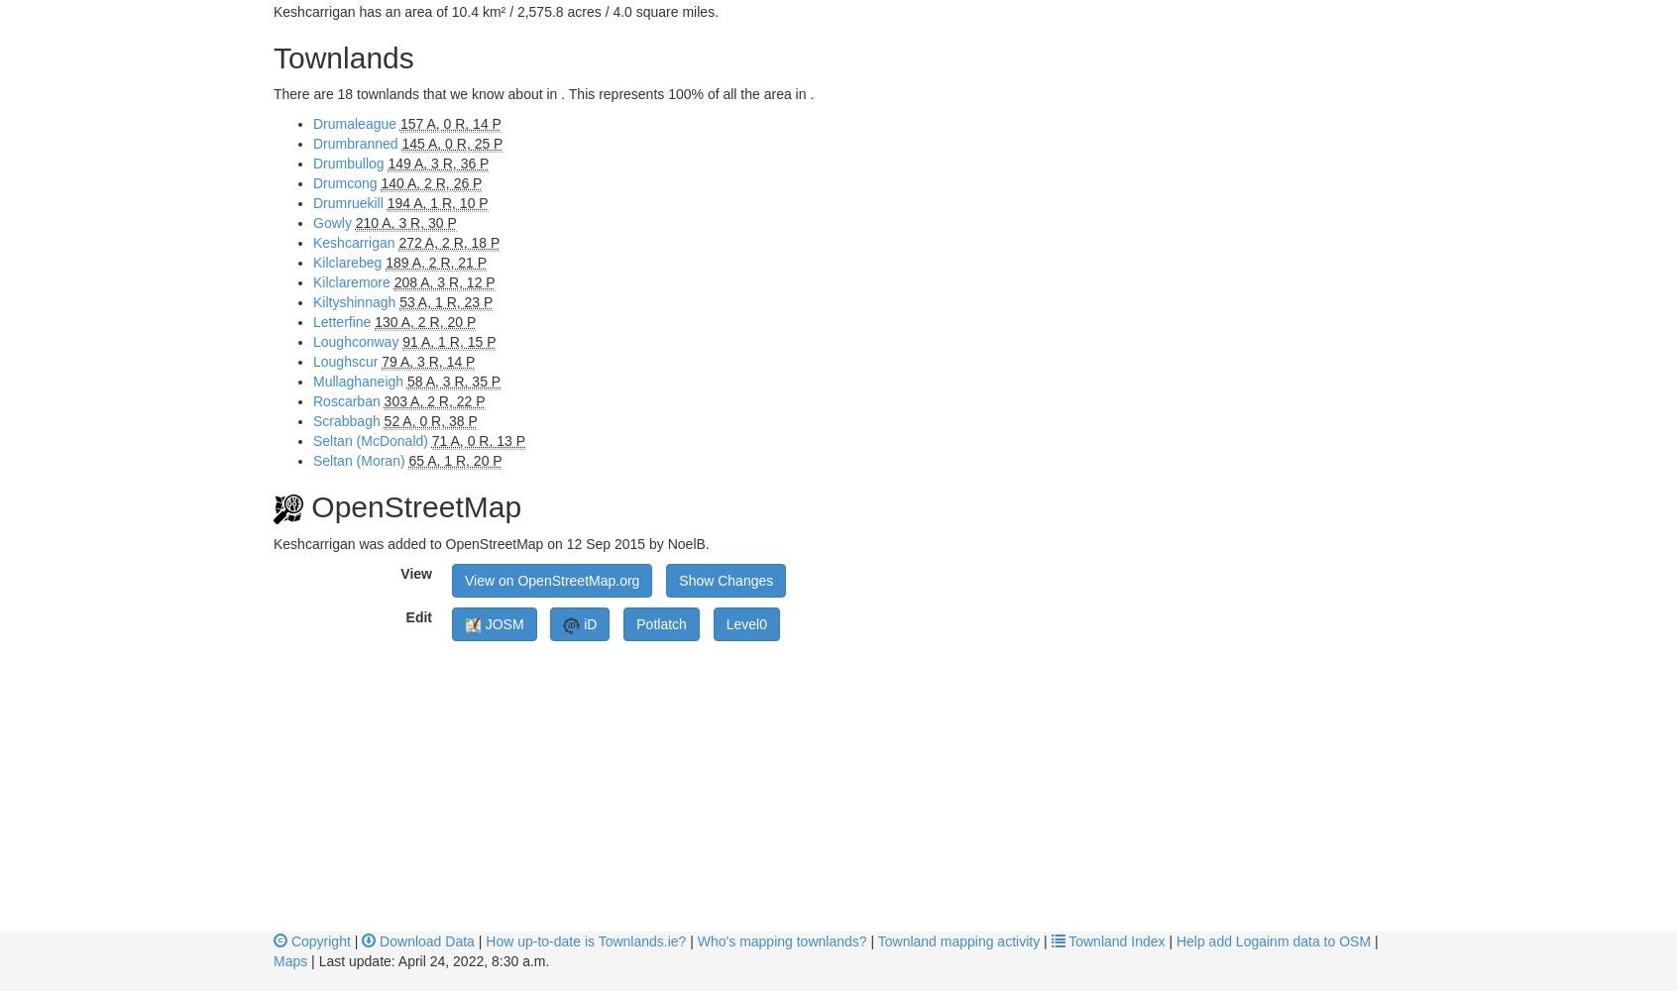 The width and height of the screenshot is (1677, 991). Describe the element at coordinates (312, 282) in the screenshot. I see `'Kilclaremore'` at that location.